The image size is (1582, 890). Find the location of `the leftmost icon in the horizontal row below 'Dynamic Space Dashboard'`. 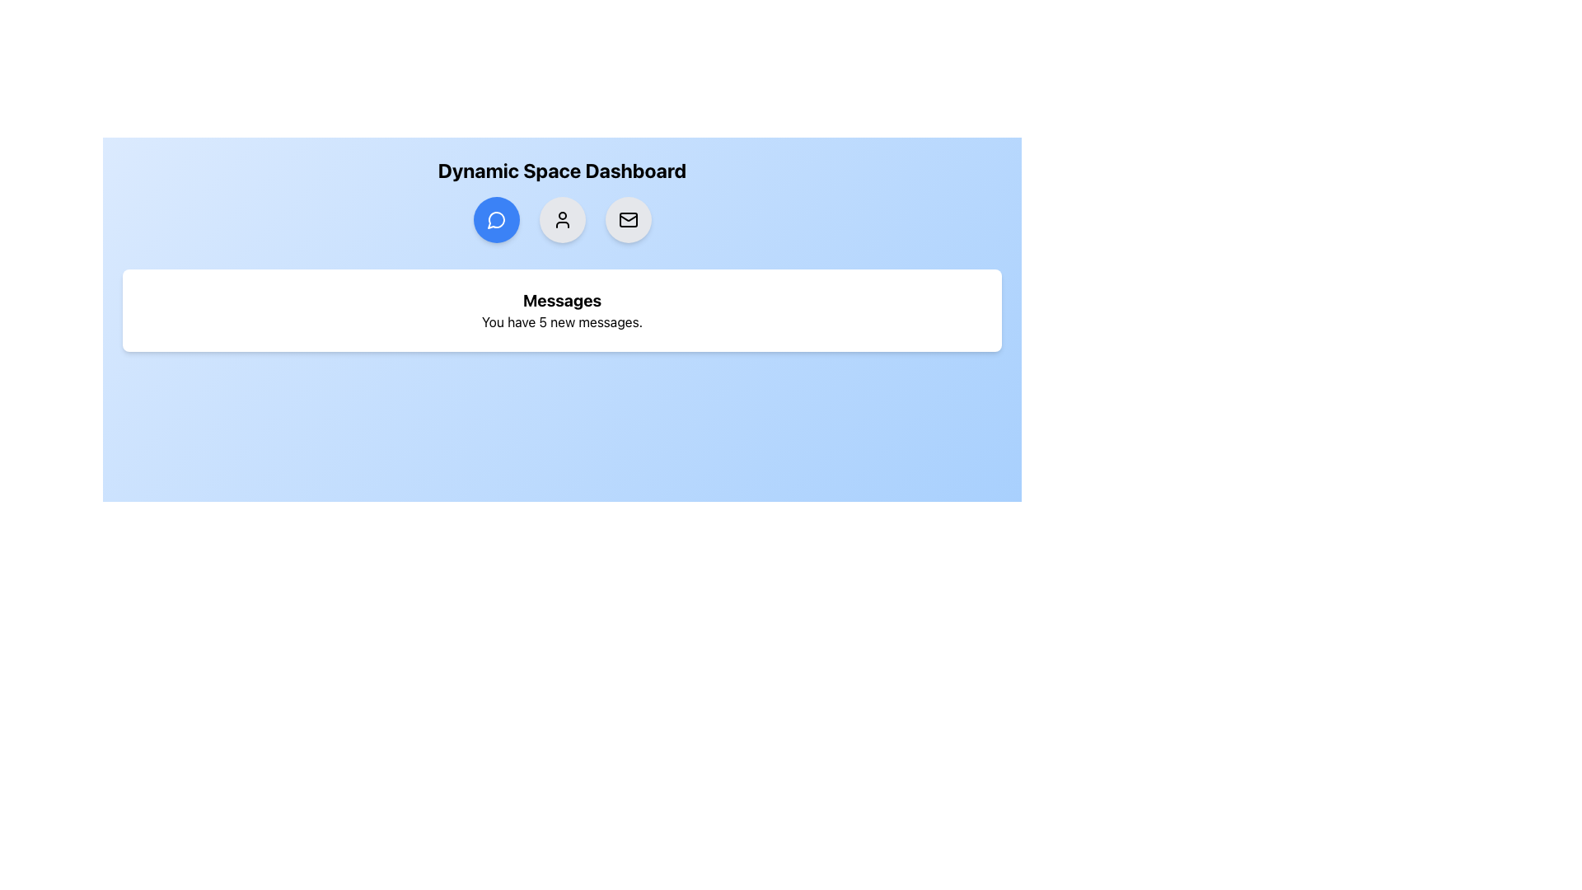

the leftmost icon in the horizontal row below 'Dynamic Space Dashboard' is located at coordinates (494, 218).